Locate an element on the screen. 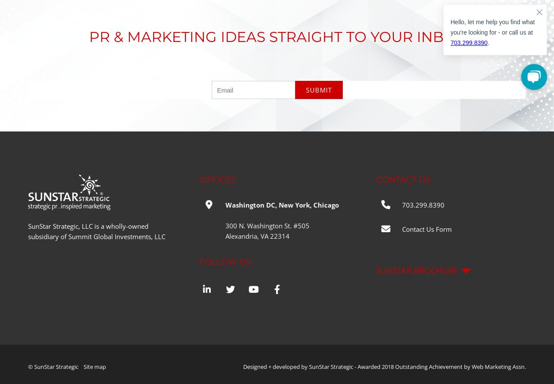  'SunStar Strategic, LLC is a wholly-owned subsidiary of Summit Global Investments, LLC' is located at coordinates (97, 231).